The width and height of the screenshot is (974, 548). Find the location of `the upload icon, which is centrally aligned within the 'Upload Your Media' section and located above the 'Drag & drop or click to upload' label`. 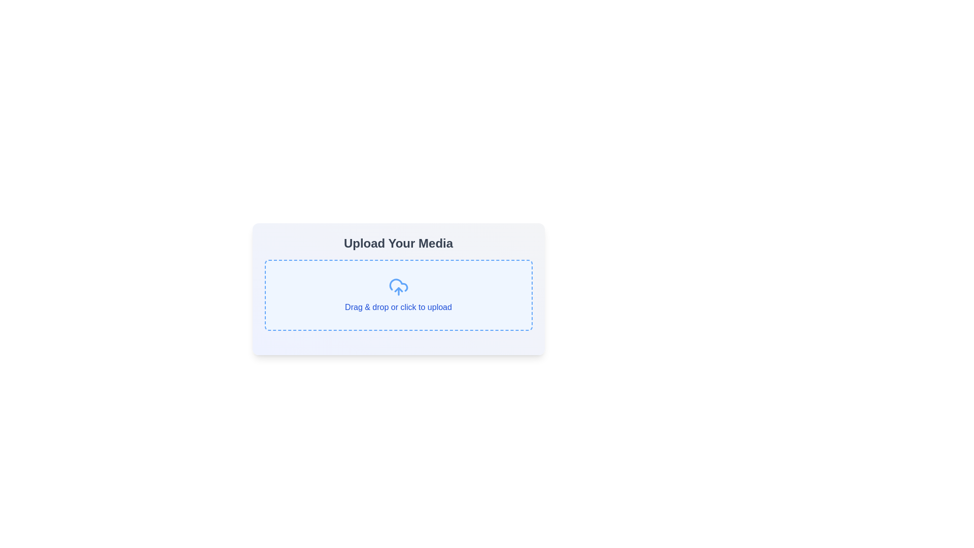

the upload icon, which is centrally aligned within the 'Upload Your Media' section and located above the 'Drag & drop or click to upload' label is located at coordinates (398, 287).